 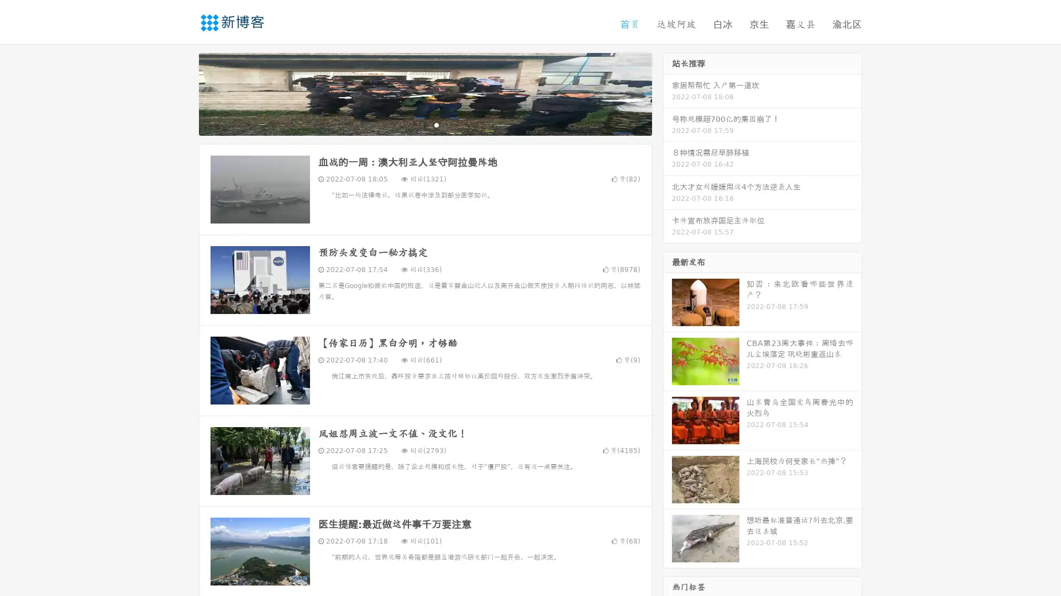 What do you see at coordinates (424, 124) in the screenshot?
I see `Go to slide 2` at bounding box center [424, 124].